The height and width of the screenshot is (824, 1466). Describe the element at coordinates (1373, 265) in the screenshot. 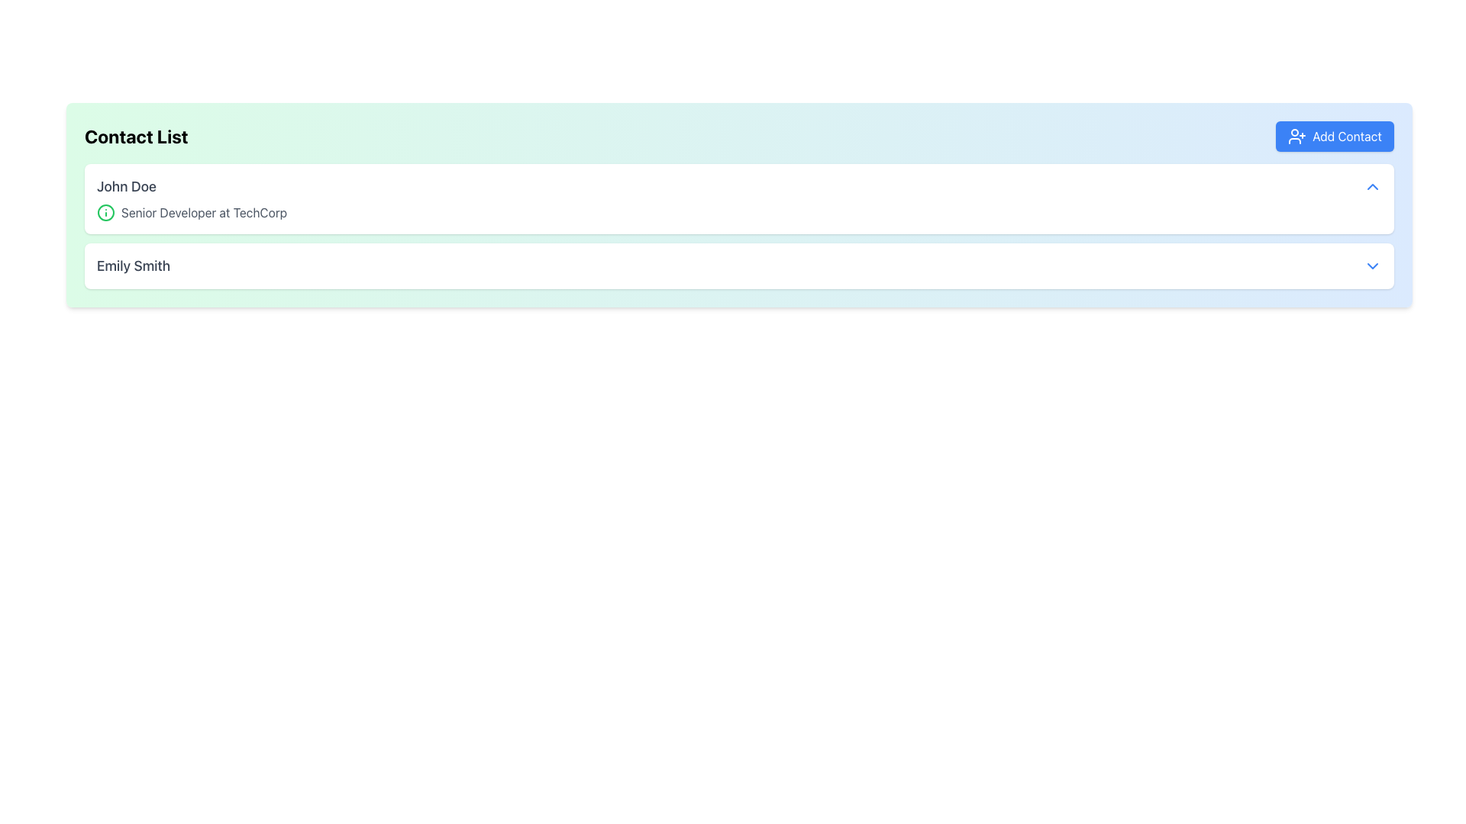

I see `the small downward-facing blue chevron icon button located at the right end of the list item labeled 'Emily Smith'` at that location.